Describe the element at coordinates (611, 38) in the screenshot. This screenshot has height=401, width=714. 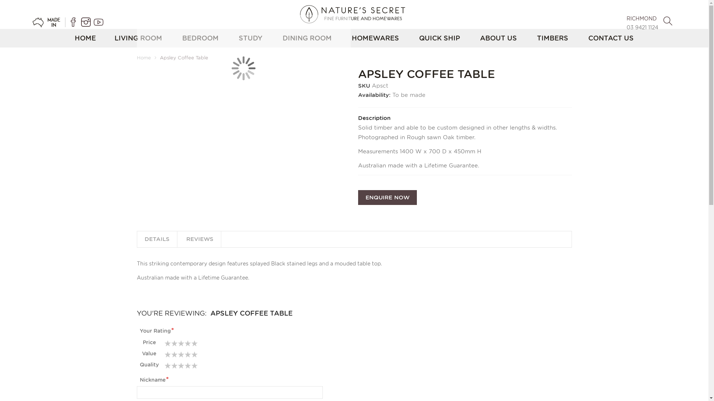
I see `'CONTACT US'` at that location.